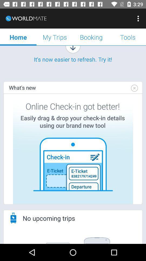  Describe the element at coordinates (134, 88) in the screenshot. I see `the item to the right of what's new icon` at that location.